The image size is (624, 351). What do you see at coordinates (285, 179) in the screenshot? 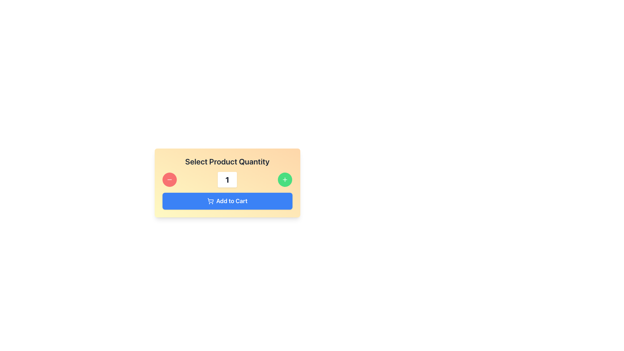
I see `the small circular green button with a white plus sign to increase the quantity` at bounding box center [285, 179].